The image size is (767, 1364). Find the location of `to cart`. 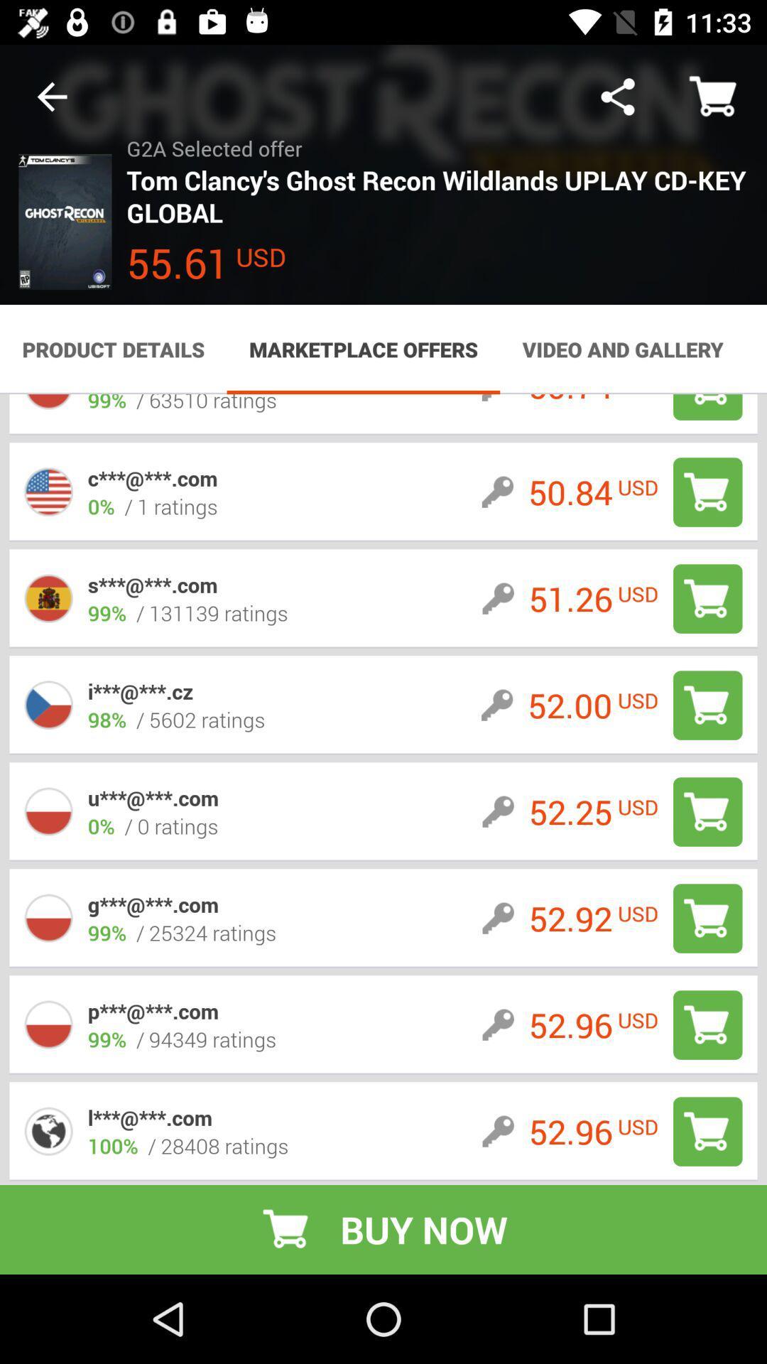

to cart is located at coordinates (707, 492).